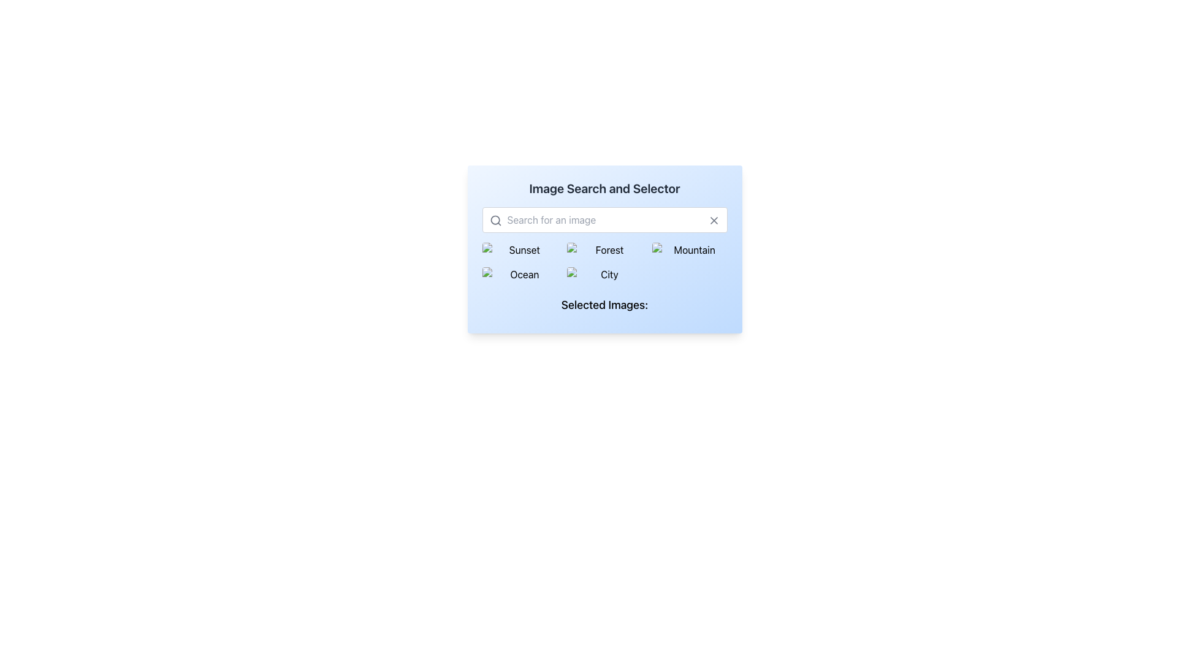 The width and height of the screenshot is (1177, 662). What do you see at coordinates (519, 273) in the screenshot?
I see `the interactive image thumbnail labeled 'Ocean'` at bounding box center [519, 273].